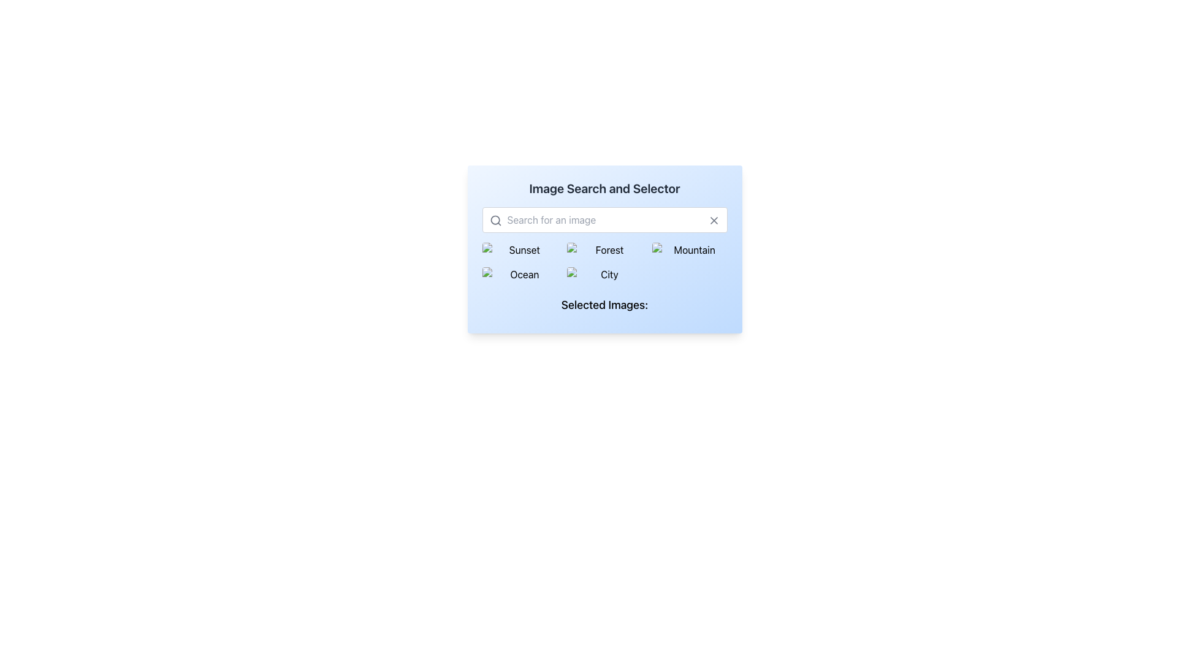 The width and height of the screenshot is (1177, 662). What do you see at coordinates (519, 273) in the screenshot?
I see `the interactive image thumbnail labeled 'Ocean'` at bounding box center [519, 273].